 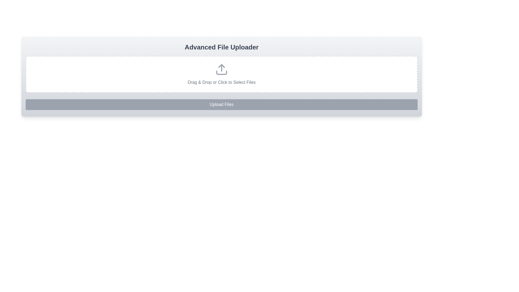 What do you see at coordinates (222, 47) in the screenshot?
I see `centered heading text that says 'Advanced File Uploader', which is styled with a large bold gray font and located above the file uploader section` at bounding box center [222, 47].